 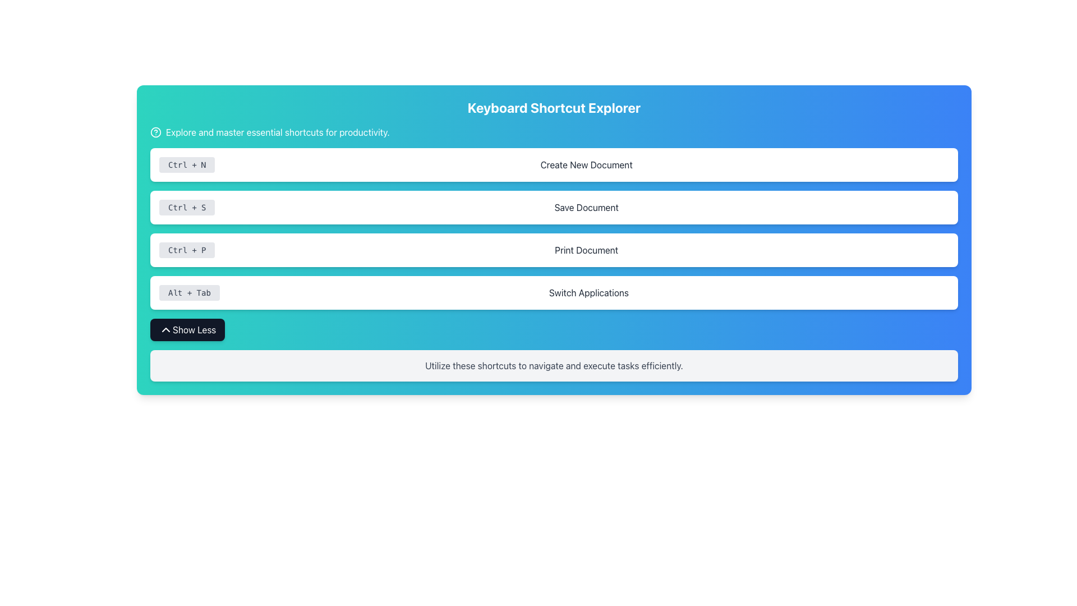 I want to click on the Text Label that describes the function of the keyboard shortcut 'Ctrl + N', positioned to the right of the gray box with 'Ctrl + N', so click(x=586, y=164).